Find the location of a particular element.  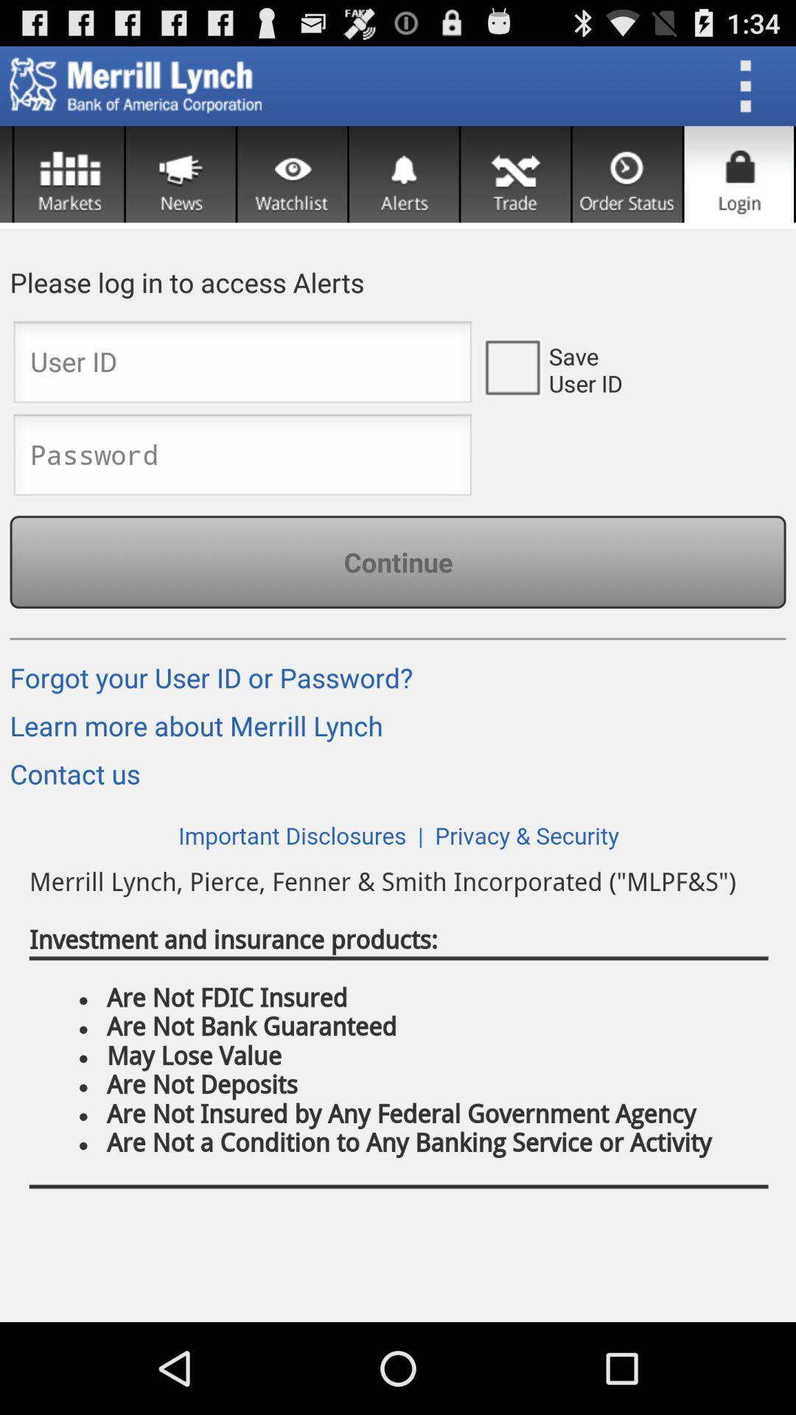

order status section is located at coordinates (627, 174).